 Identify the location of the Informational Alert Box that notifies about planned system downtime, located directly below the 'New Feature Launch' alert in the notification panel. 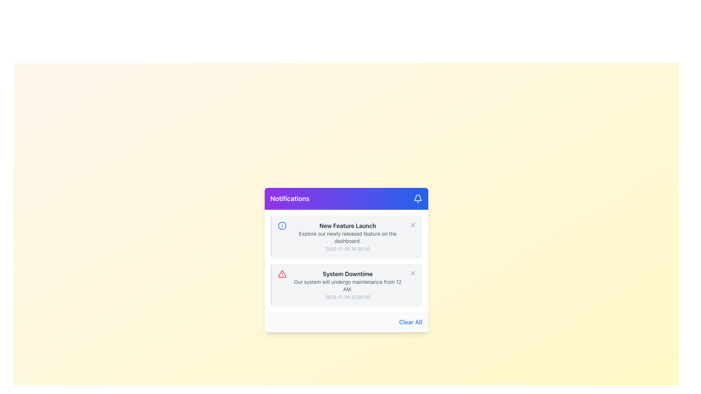
(346, 284).